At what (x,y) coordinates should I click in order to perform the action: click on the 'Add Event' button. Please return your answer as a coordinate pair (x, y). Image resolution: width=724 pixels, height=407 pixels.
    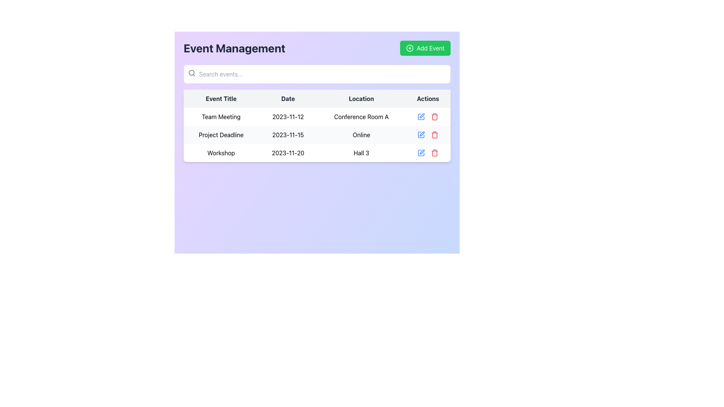
    Looking at the image, I should click on (425, 48).